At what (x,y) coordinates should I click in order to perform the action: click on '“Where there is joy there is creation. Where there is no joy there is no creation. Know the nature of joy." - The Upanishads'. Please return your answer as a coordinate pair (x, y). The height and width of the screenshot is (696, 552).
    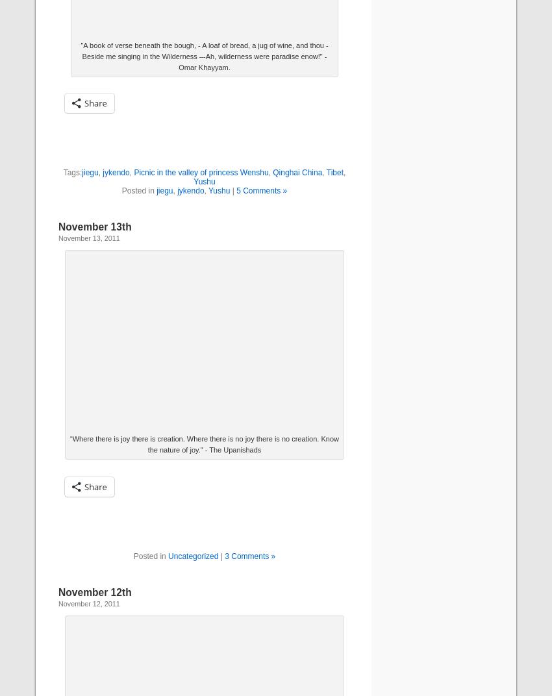
    Looking at the image, I should click on (204, 443).